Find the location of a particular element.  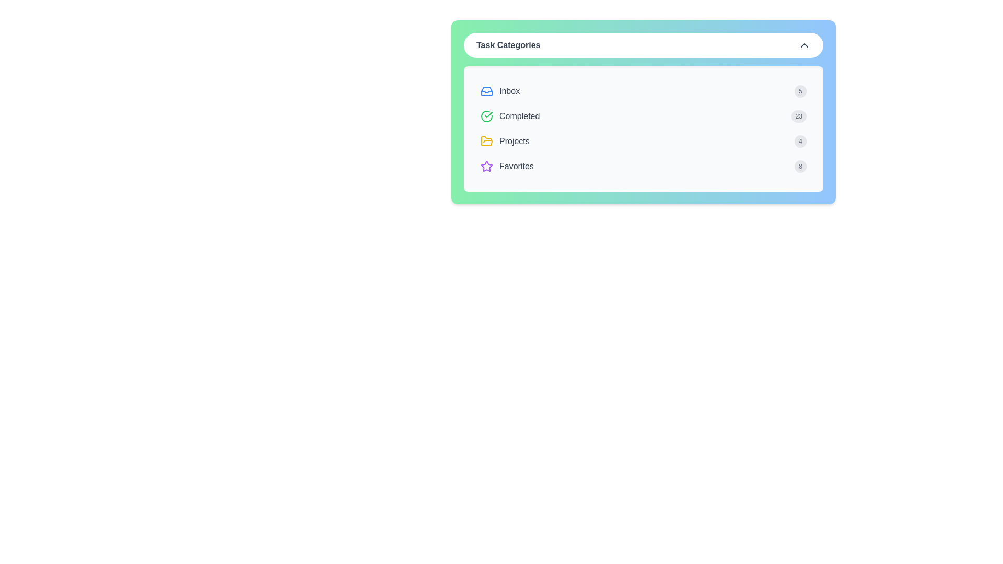

the upward-pointing chevron icon located at the far-right end of the header bar labeled 'Task Categories.' is located at coordinates (804, 45).